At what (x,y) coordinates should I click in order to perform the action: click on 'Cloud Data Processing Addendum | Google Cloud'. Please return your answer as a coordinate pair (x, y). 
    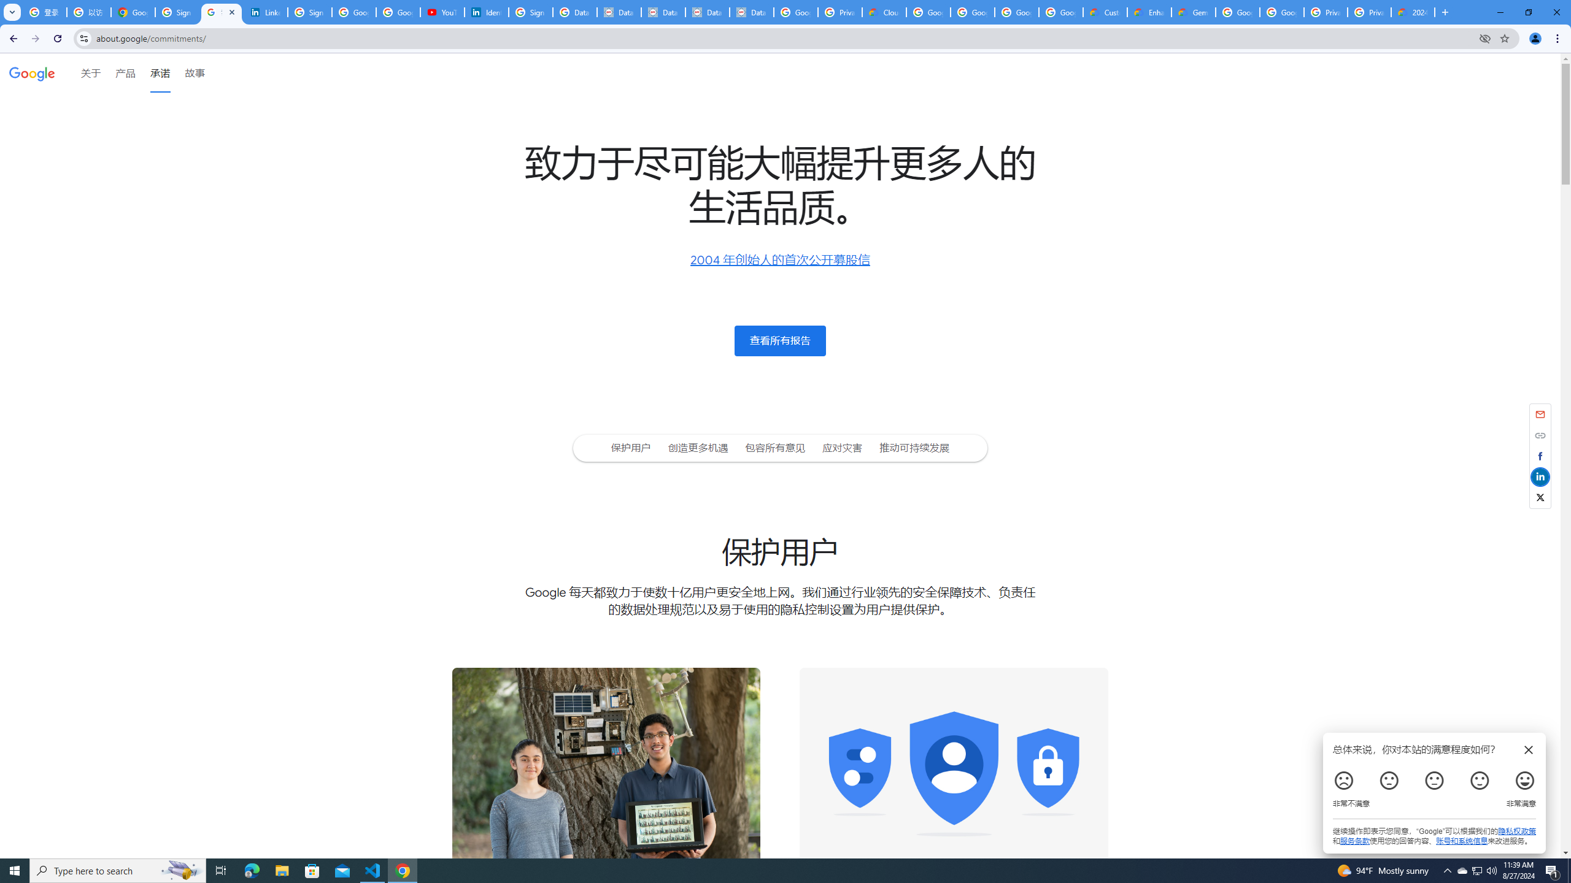
    Looking at the image, I should click on (883, 12).